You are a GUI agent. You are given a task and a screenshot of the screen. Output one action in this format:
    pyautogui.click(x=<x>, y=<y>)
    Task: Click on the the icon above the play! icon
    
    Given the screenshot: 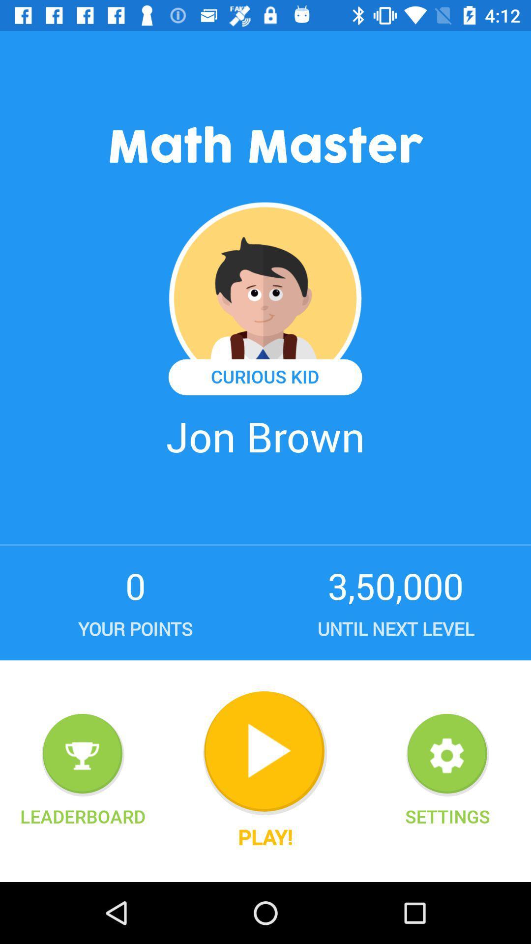 What is the action you would take?
    pyautogui.click(x=265, y=753)
    